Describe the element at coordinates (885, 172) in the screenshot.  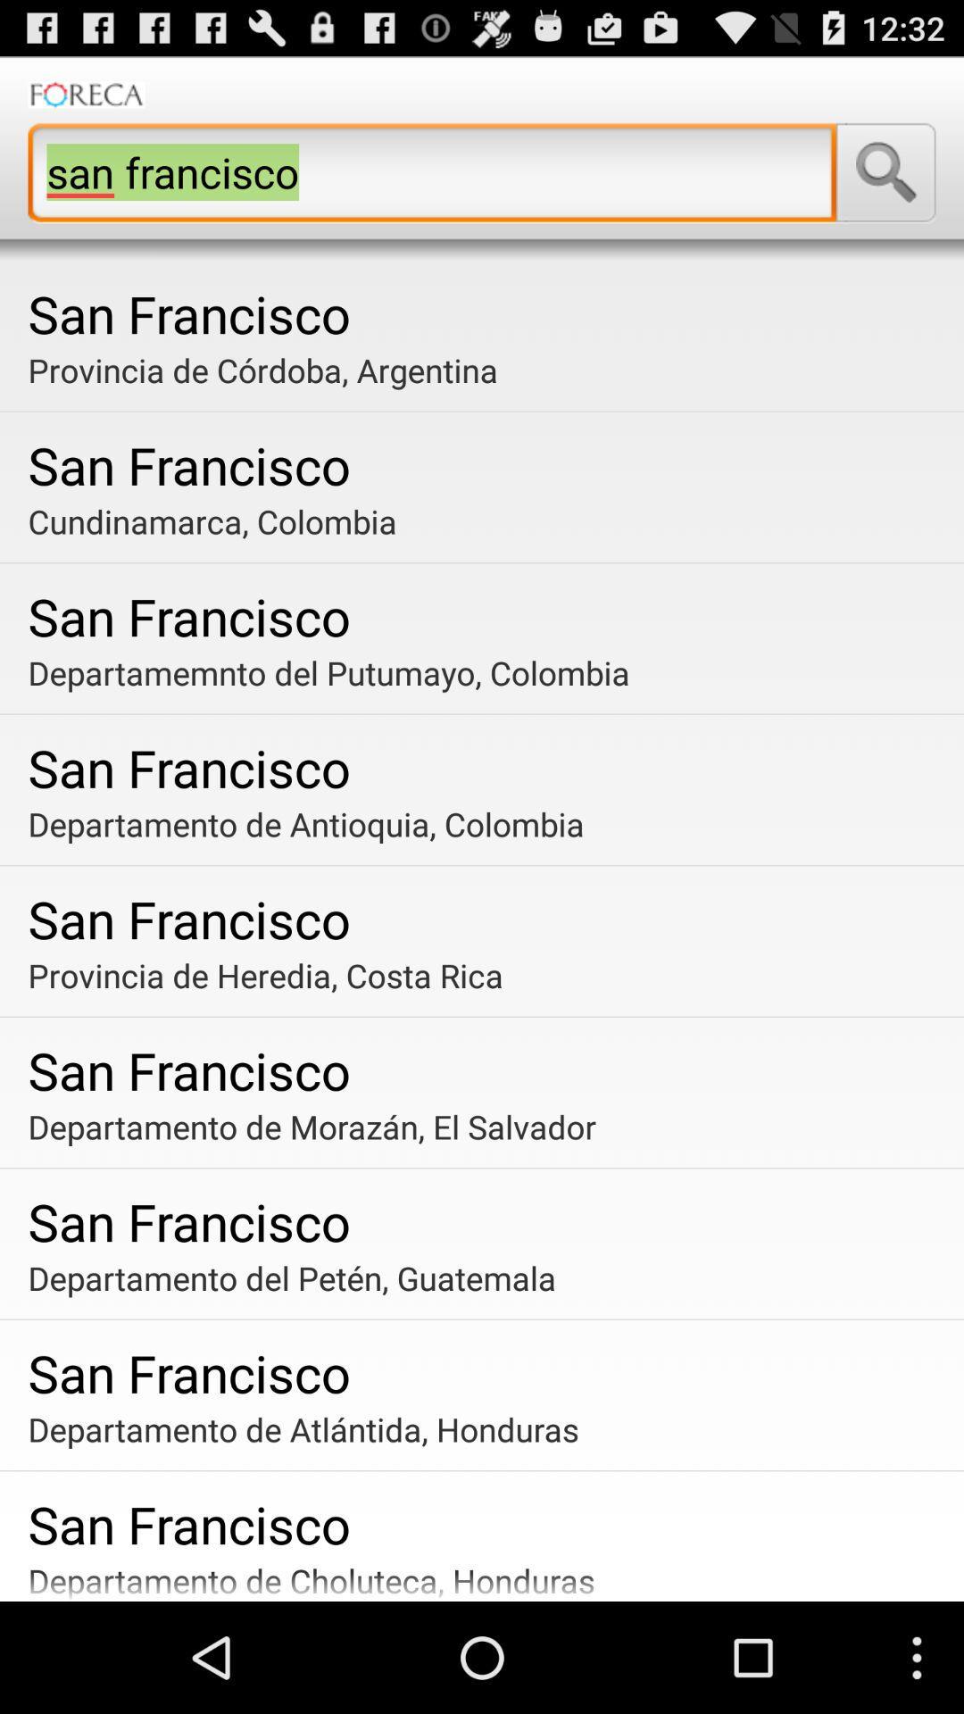
I see `icon to the right of the san francisco` at that location.